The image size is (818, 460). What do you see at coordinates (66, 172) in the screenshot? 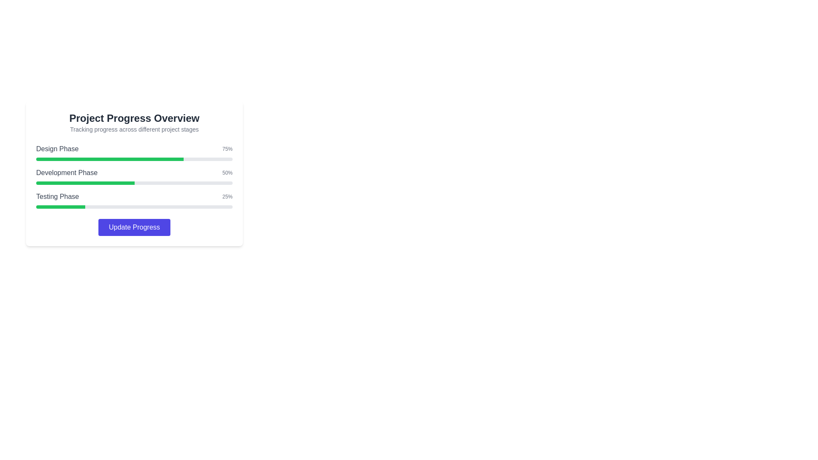
I see `the 'Development Phase' text label in the project progress tracker, which is part of the second row adjacent to a green progress bar and '50%' text` at bounding box center [66, 172].